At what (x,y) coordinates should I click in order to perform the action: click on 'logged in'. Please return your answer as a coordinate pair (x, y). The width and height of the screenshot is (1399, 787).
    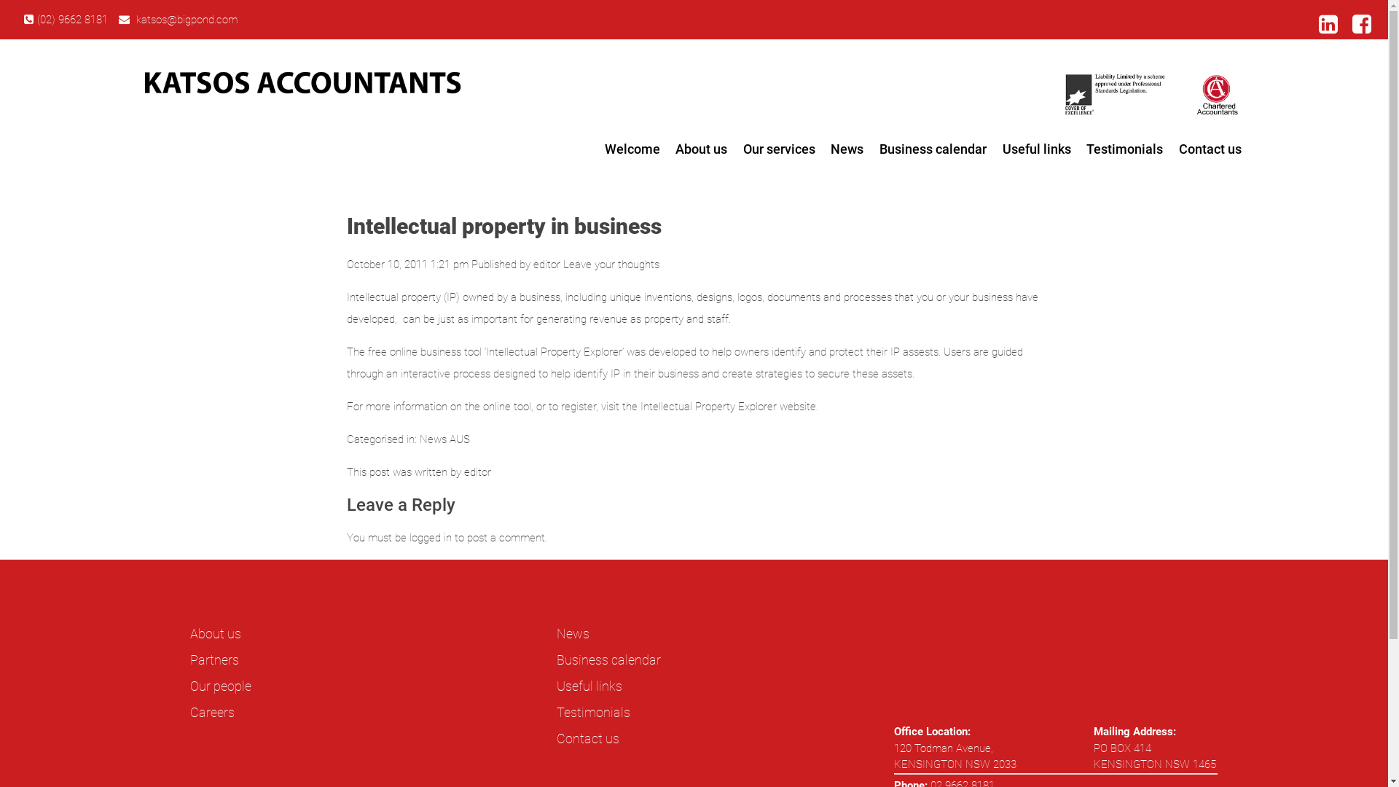
    Looking at the image, I should click on (408, 537).